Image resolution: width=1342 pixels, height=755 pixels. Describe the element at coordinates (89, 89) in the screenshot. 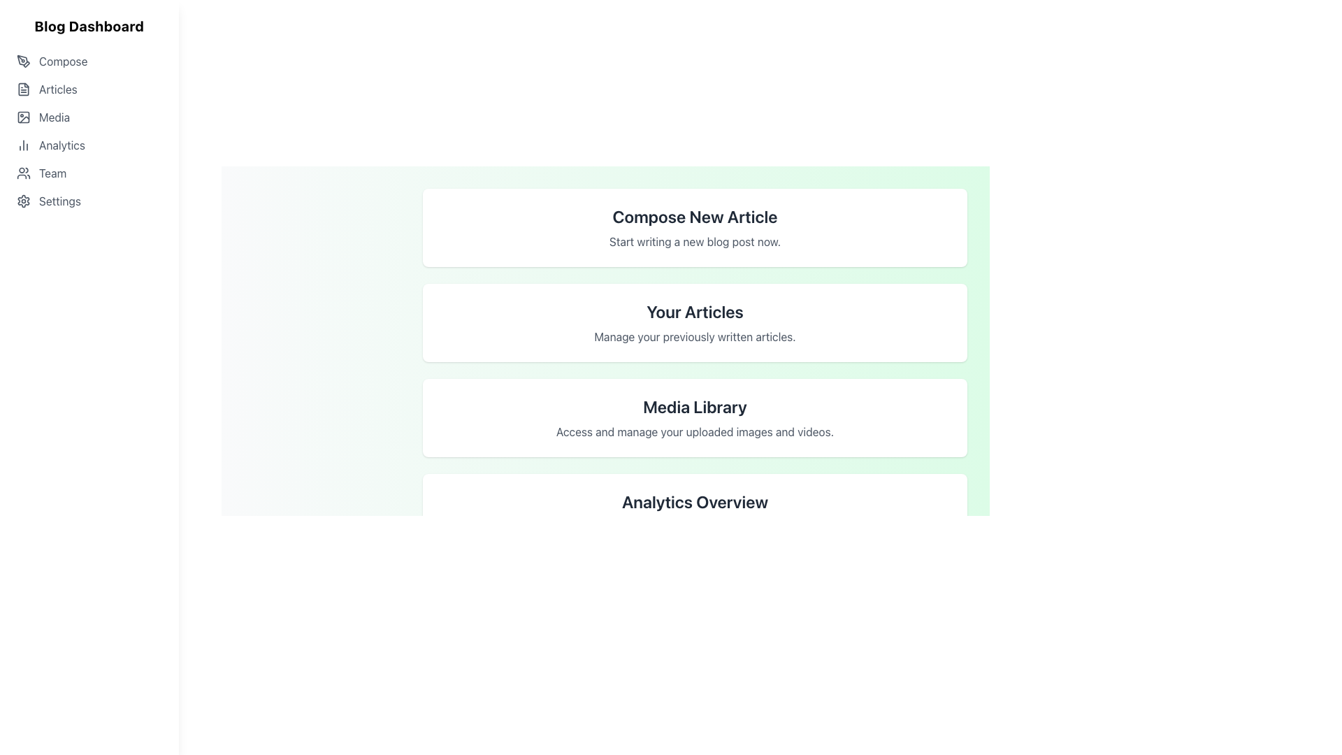

I see `the 'Articles' navigation link, which is the second item in the vertical navigation list on the left side of the interface` at that location.